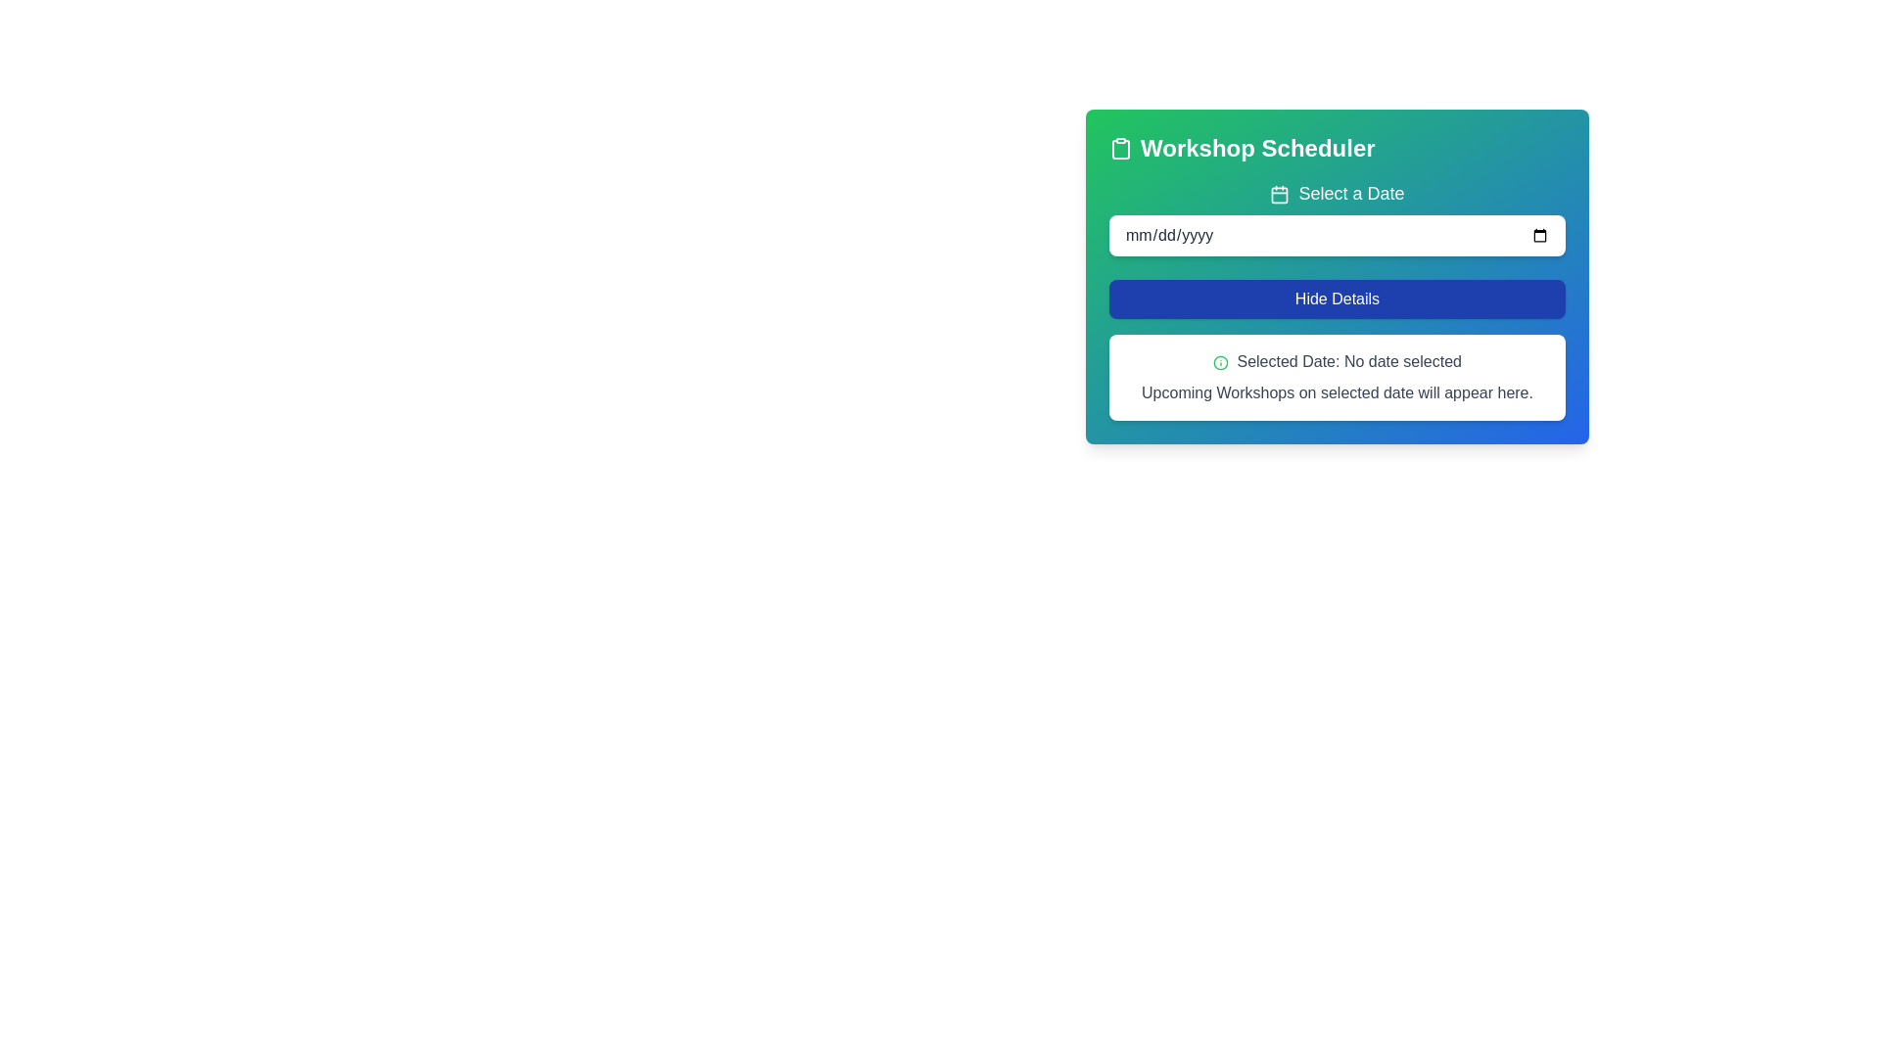 This screenshot has width=1880, height=1057. I want to click on the decorative calendar icon located to the left of the 'Select a Date' label, which visually emphasizes the date selection function, so click(1280, 195).